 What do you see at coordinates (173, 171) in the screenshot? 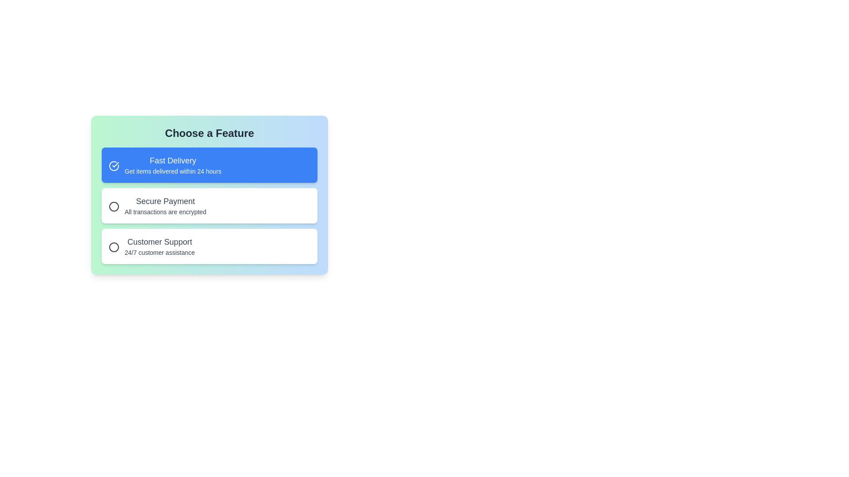
I see `text displaying 'Get items delivered within 24 hours' which is located below the title 'Fast Delivery' in a blue rectangular background` at bounding box center [173, 171].